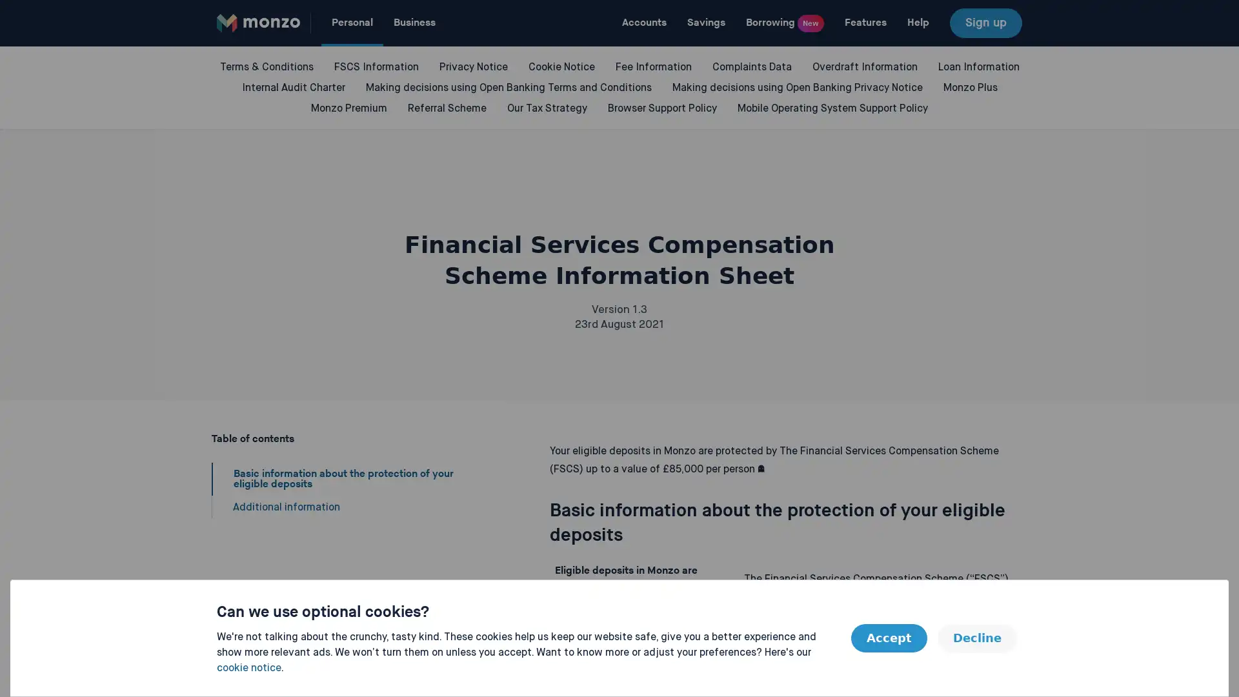 This screenshot has height=697, width=1239. Describe the element at coordinates (705, 23) in the screenshot. I see `Savings` at that location.